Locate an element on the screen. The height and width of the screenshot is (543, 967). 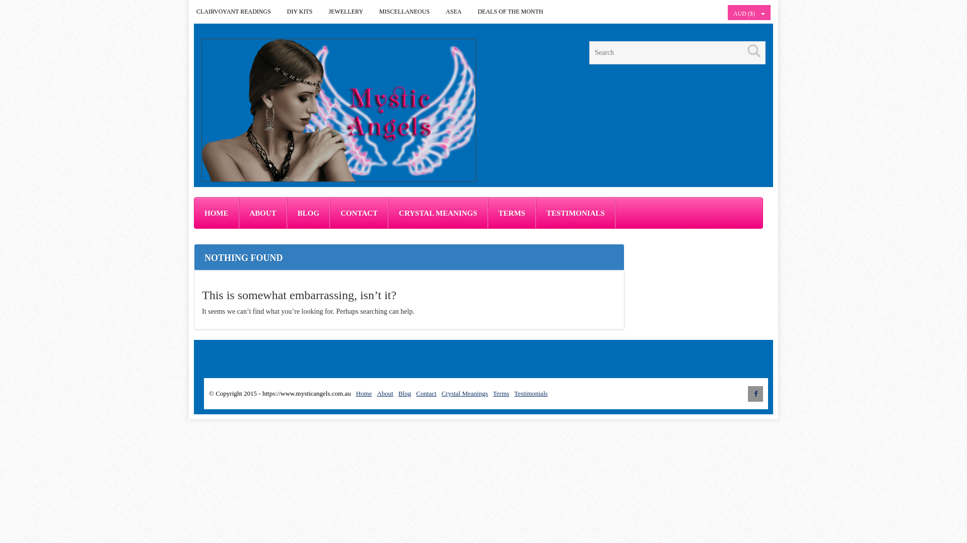
'About' is located at coordinates (384, 393).